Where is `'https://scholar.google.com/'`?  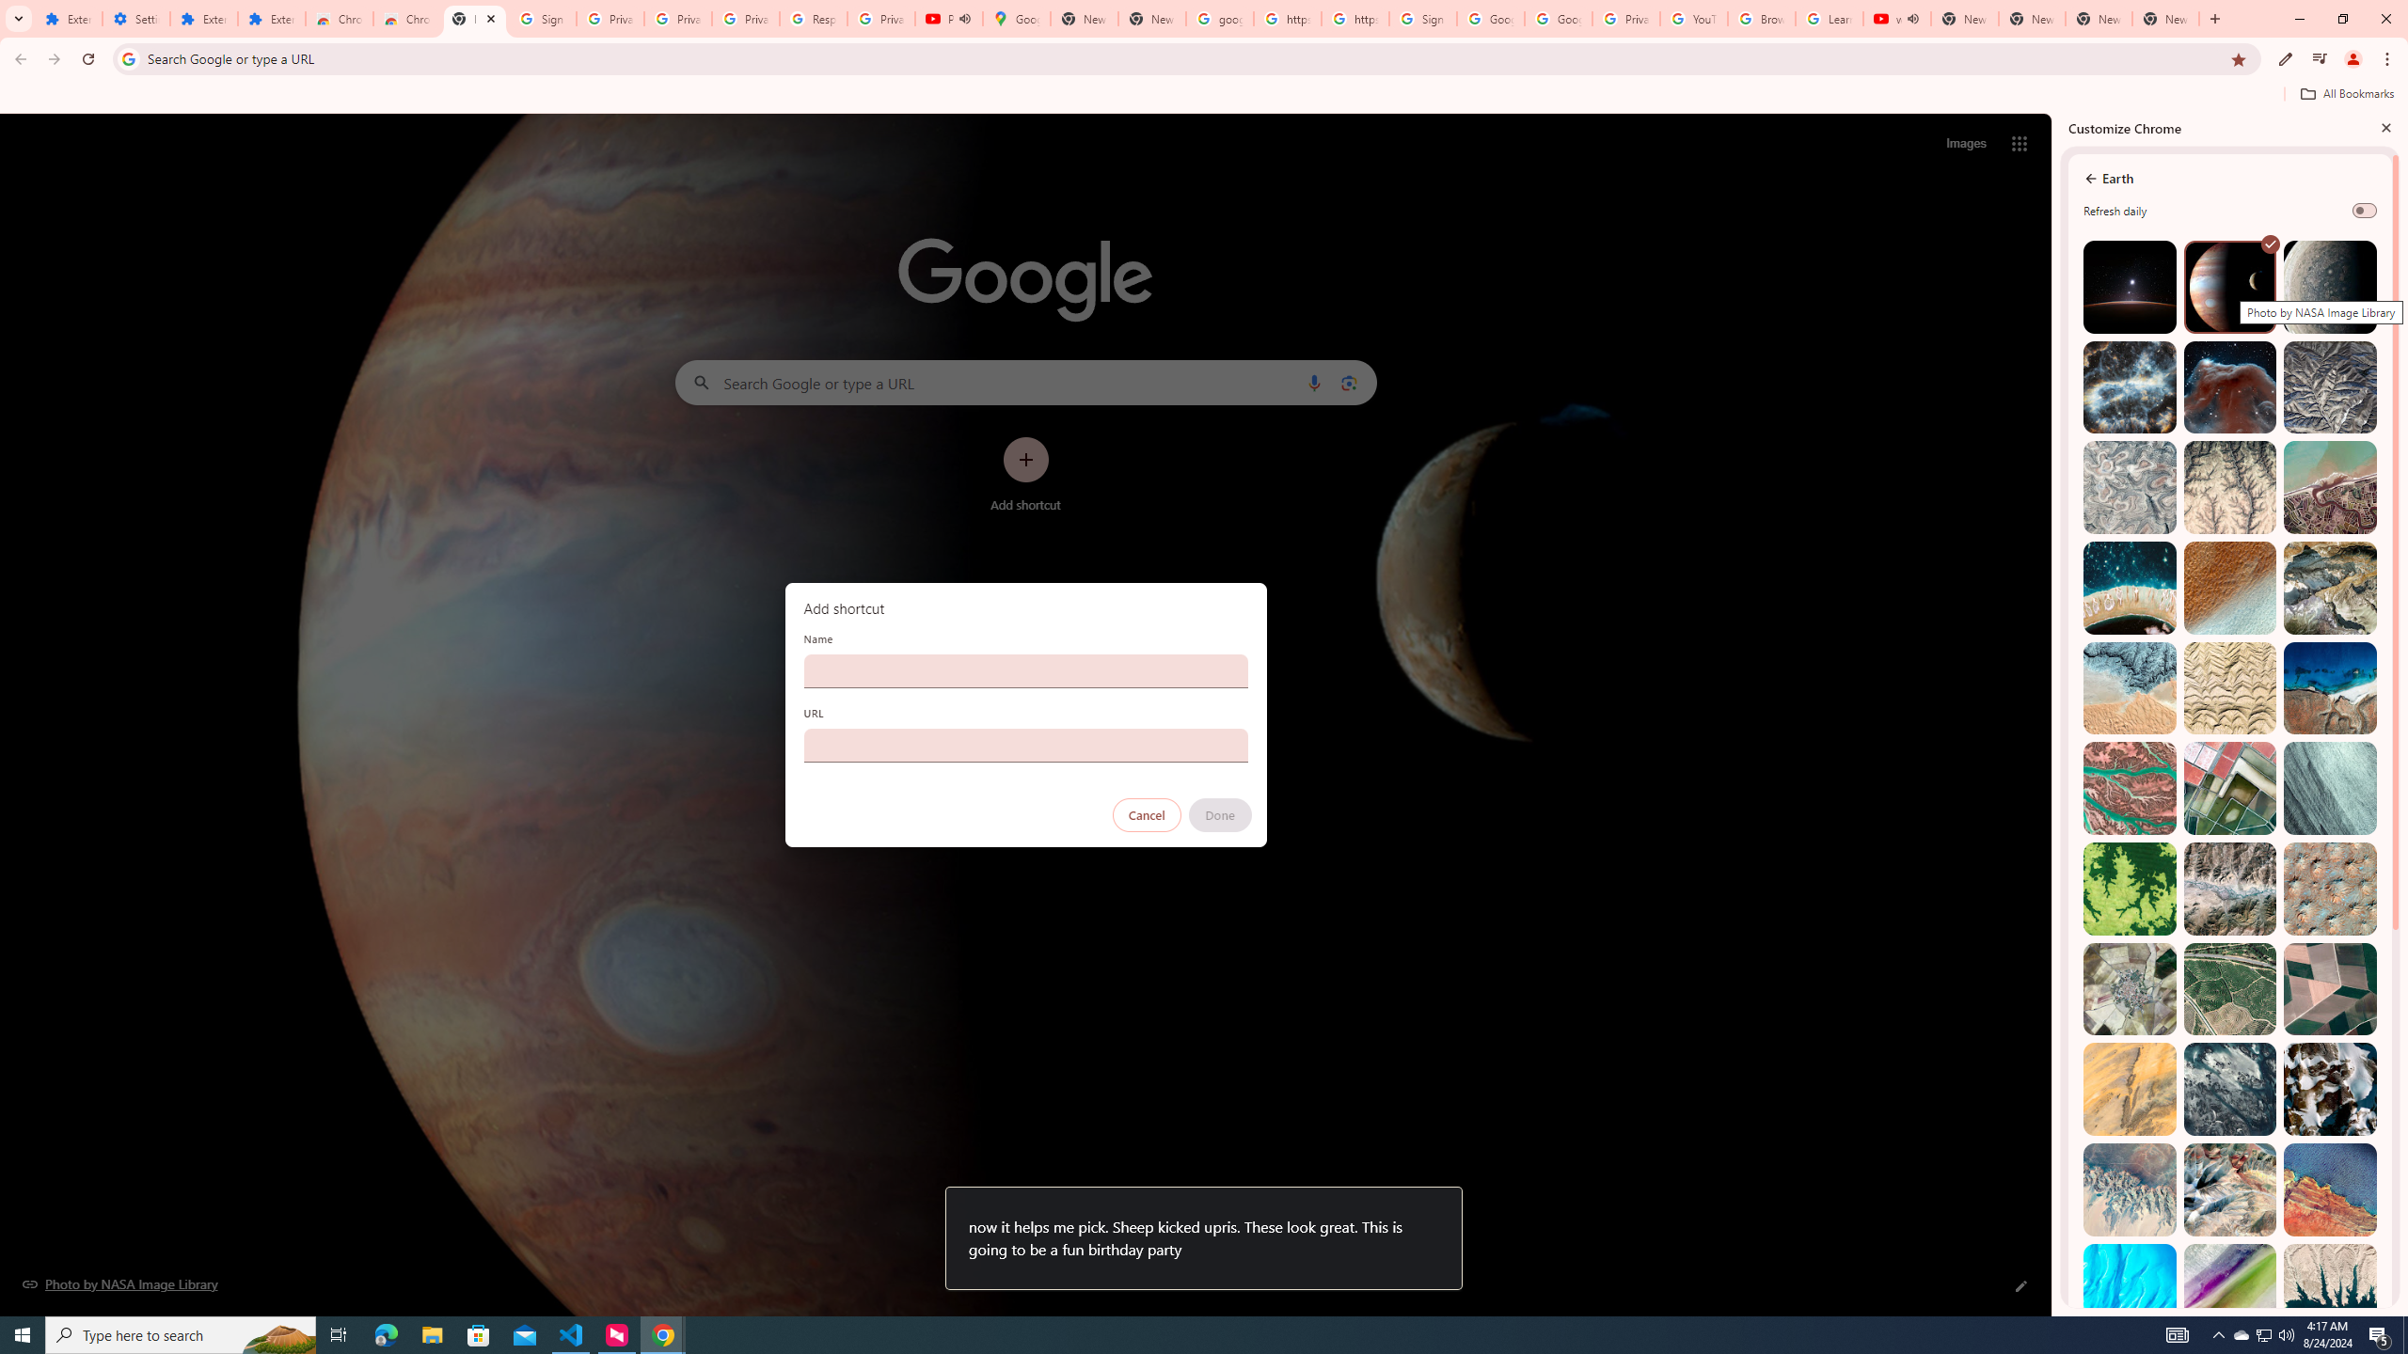 'https://scholar.google.com/' is located at coordinates (1354, 18).